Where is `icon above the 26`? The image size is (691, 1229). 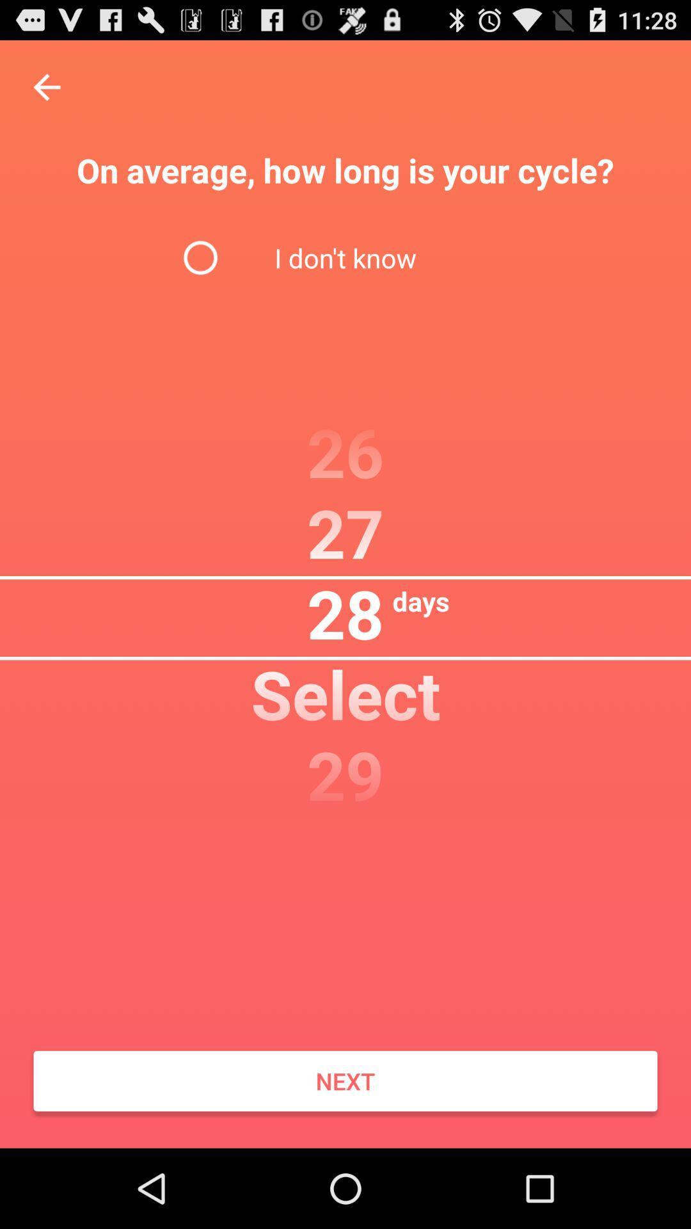
icon above the 26 is located at coordinates (345, 257).